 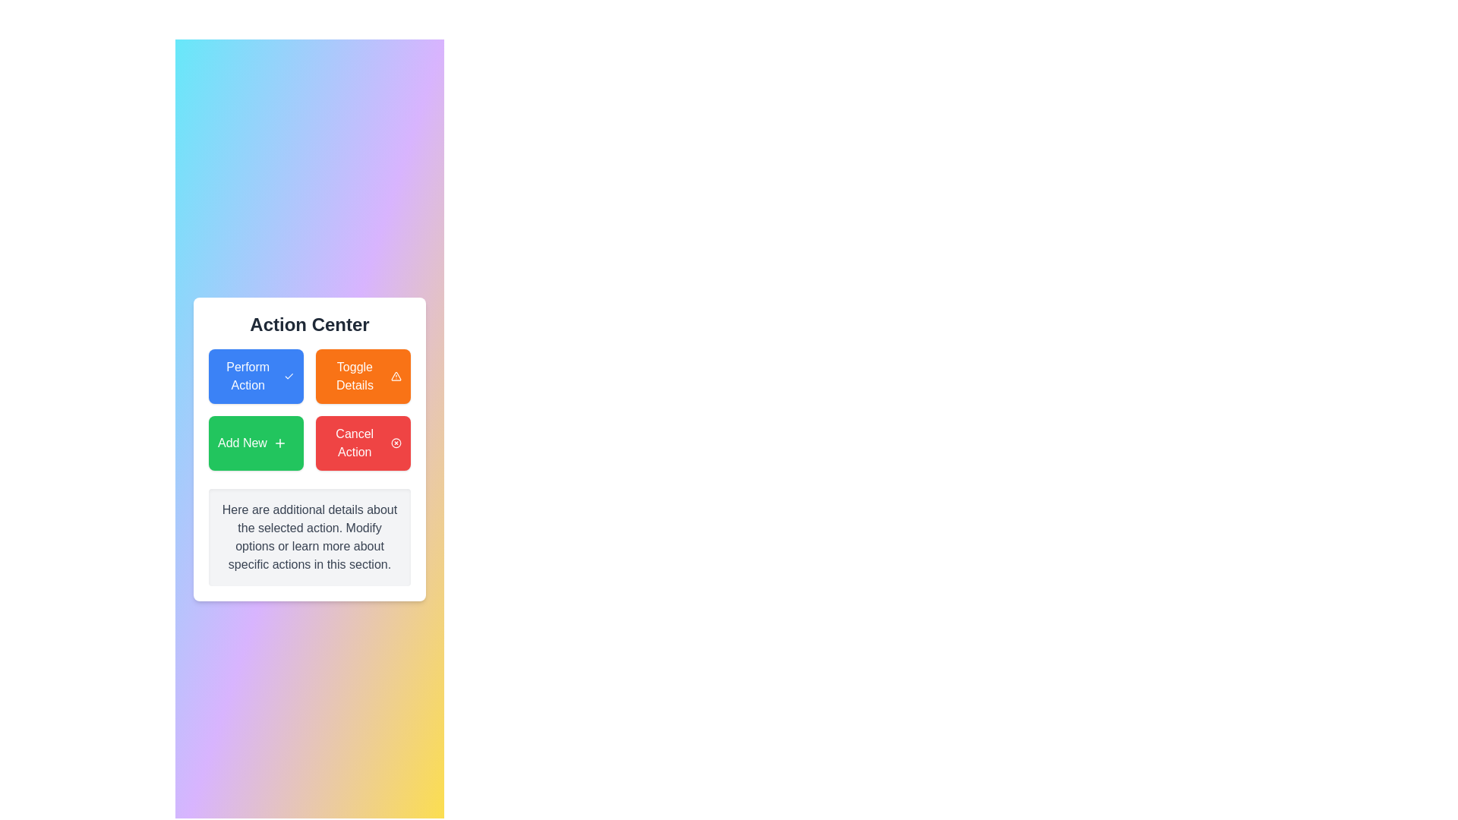 What do you see at coordinates (396, 376) in the screenshot?
I see `the alert or warning icon within the 'Toggle Details' button located in the 'Action Center'` at bounding box center [396, 376].